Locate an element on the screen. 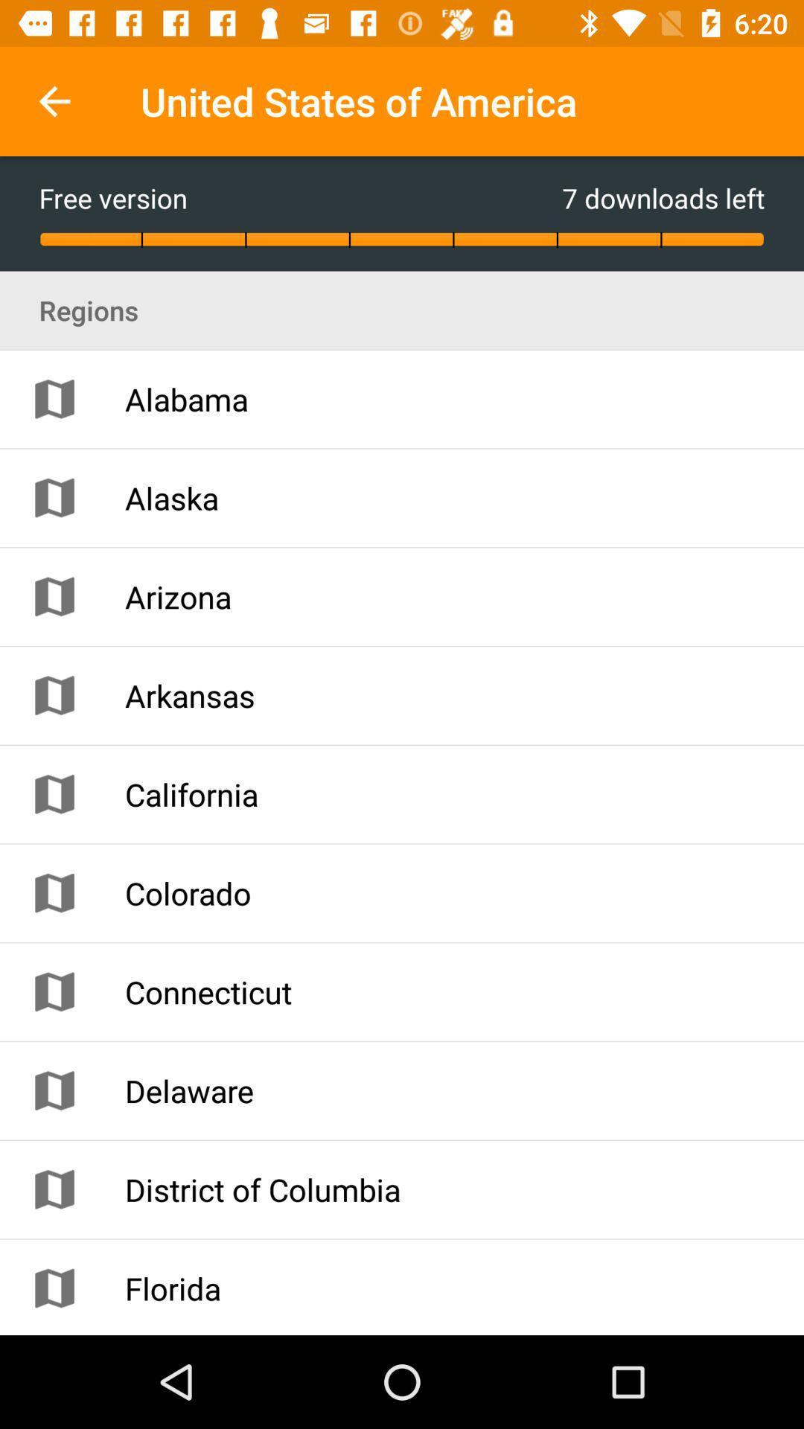 Image resolution: width=804 pixels, height=1429 pixels. the app next to the united states of app is located at coordinates (54, 100).